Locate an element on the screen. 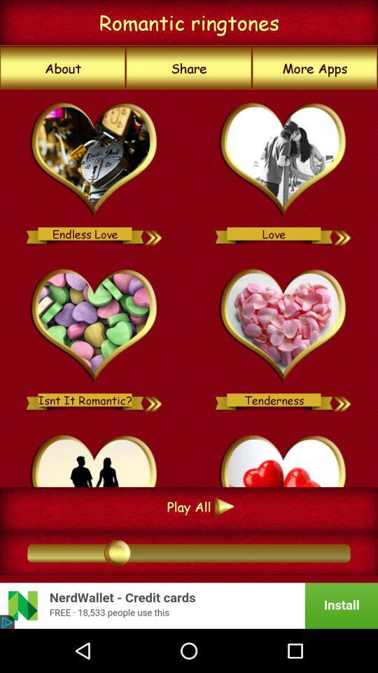  love is located at coordinates (283, 160).